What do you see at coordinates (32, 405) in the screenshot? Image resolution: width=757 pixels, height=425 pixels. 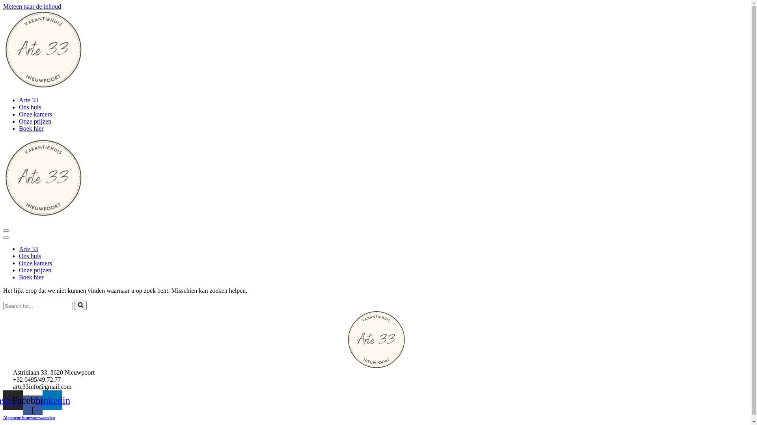 I see `'Facebook-f'` at bounding box center [32, 405].